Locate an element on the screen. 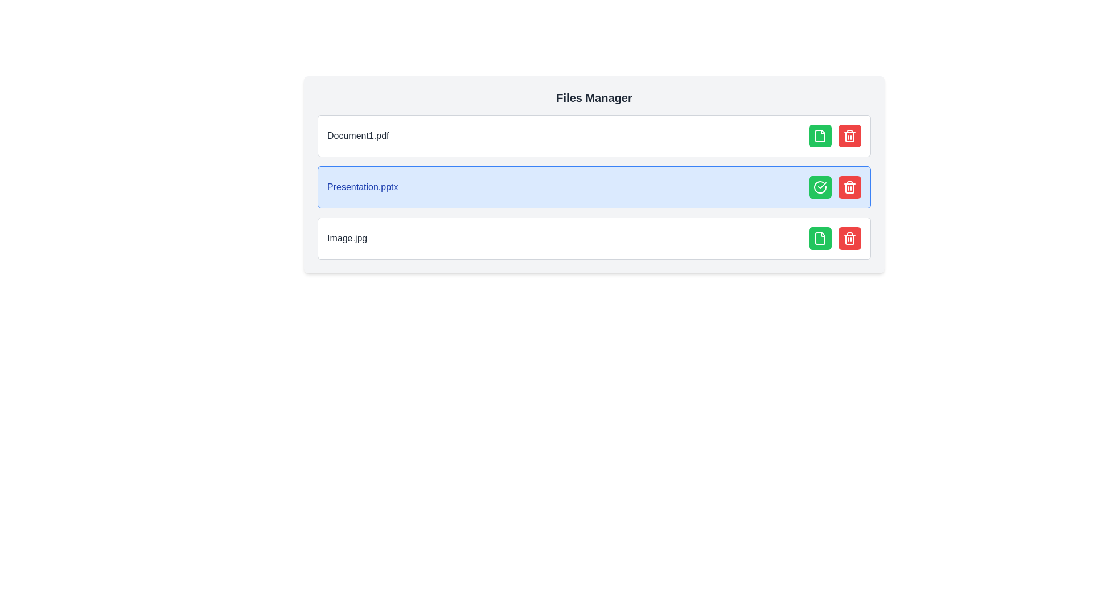 Image resolution: width=1093 pixels, height=615 pixels. the green button with a document icon is located at coordinates (820, 238).